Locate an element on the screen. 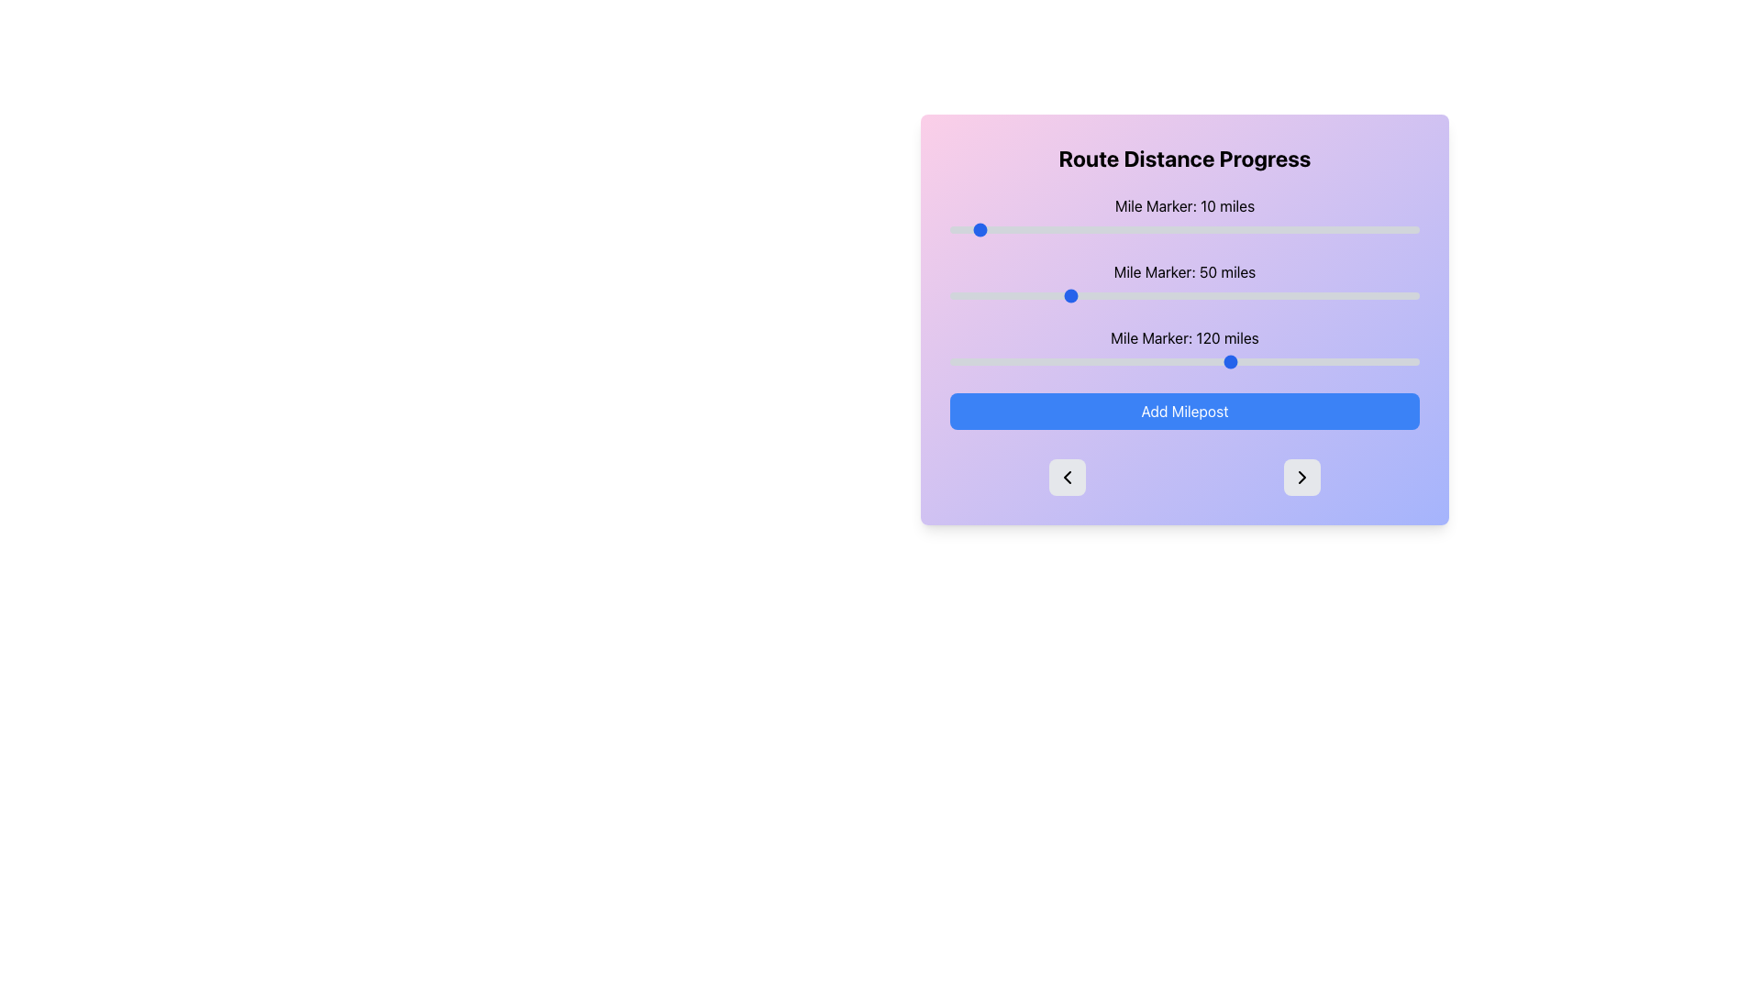 This screenshot has height=990, width=1761. the right arrow button in the Button Group located at the bottom of the 'Route Distance Progress' card is located at coordinates (1184, 476).